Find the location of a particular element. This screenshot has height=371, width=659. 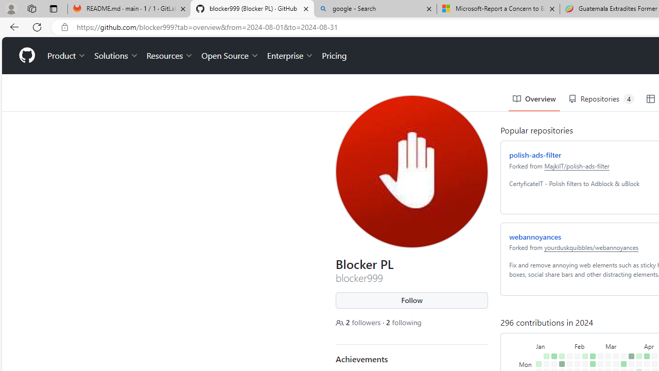

'No contributions on February 7th.' is located at coordinates (575, 342).